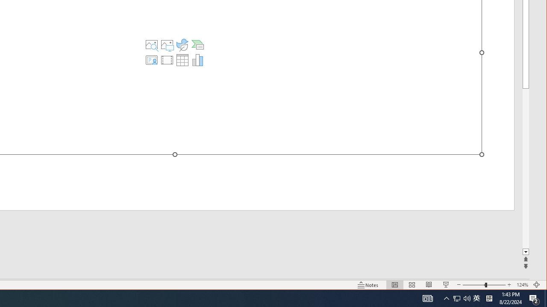 This screenshot has width=547, height=307. I want to click on 'Zoom', so click(484, 285).